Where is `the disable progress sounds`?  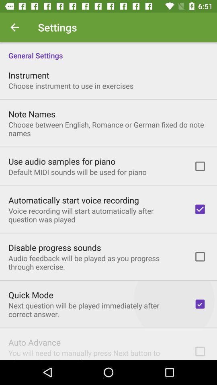 the disable progress sounds is located at coordinates (54, 247).